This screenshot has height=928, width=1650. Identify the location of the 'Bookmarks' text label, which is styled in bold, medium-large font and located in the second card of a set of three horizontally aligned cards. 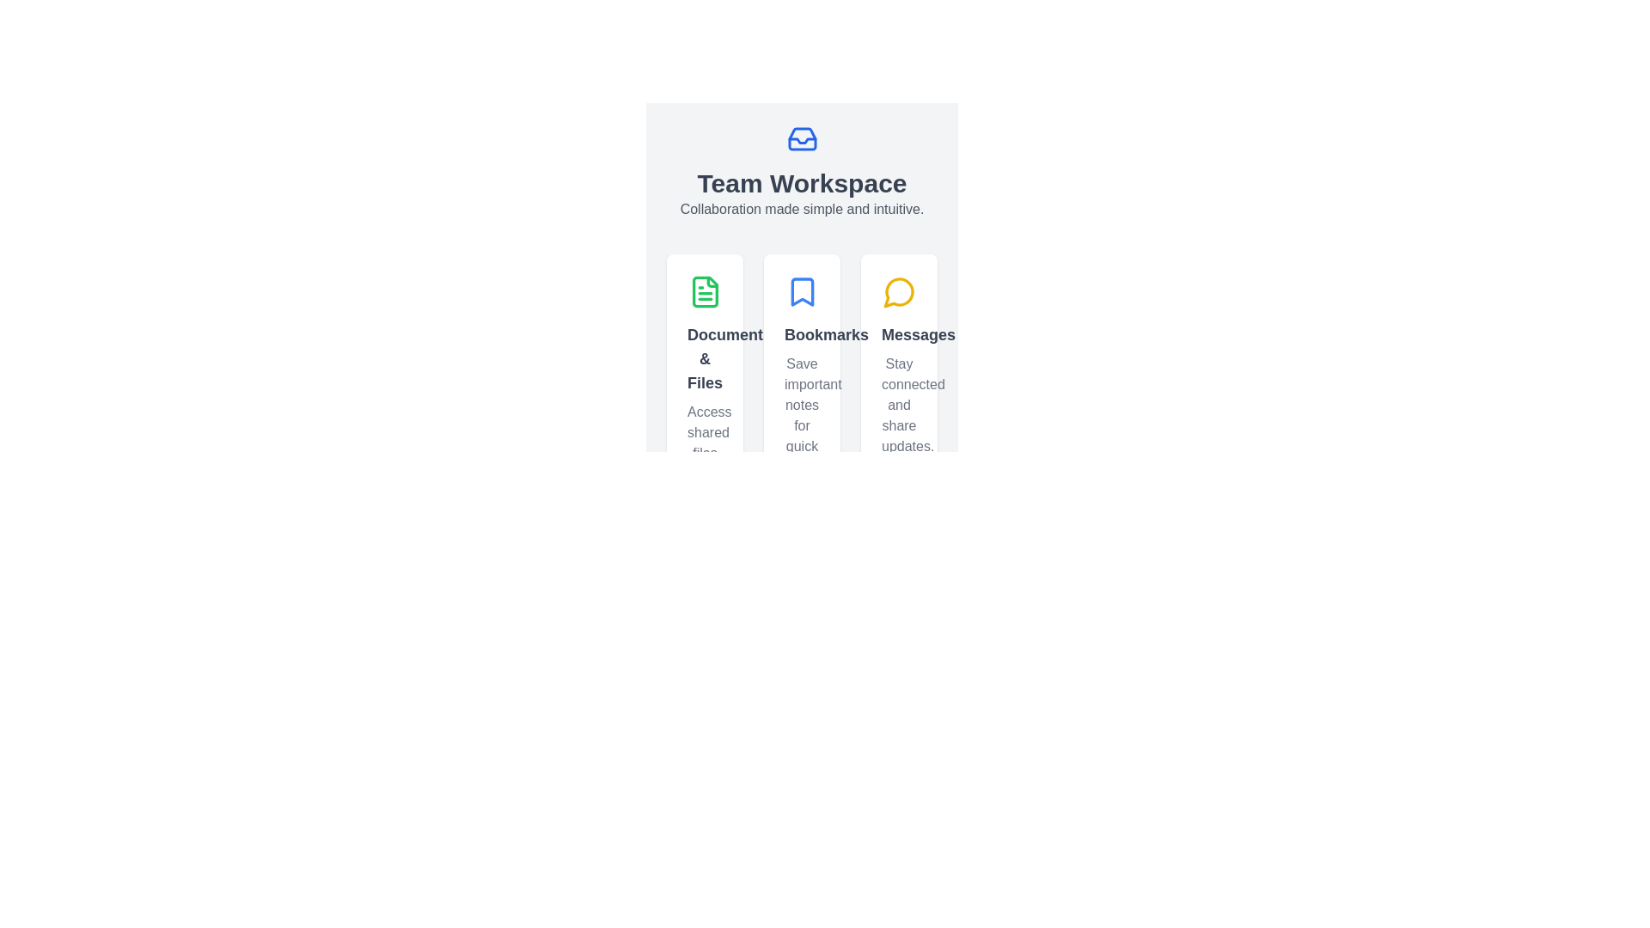
(801, 334).